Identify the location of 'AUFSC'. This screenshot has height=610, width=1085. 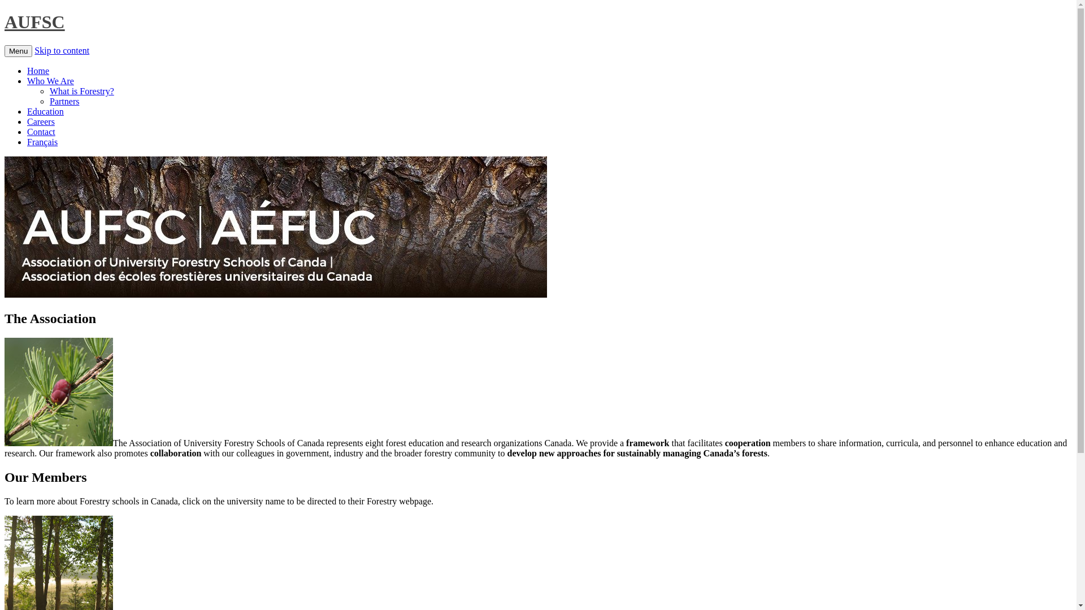
(5, 21).